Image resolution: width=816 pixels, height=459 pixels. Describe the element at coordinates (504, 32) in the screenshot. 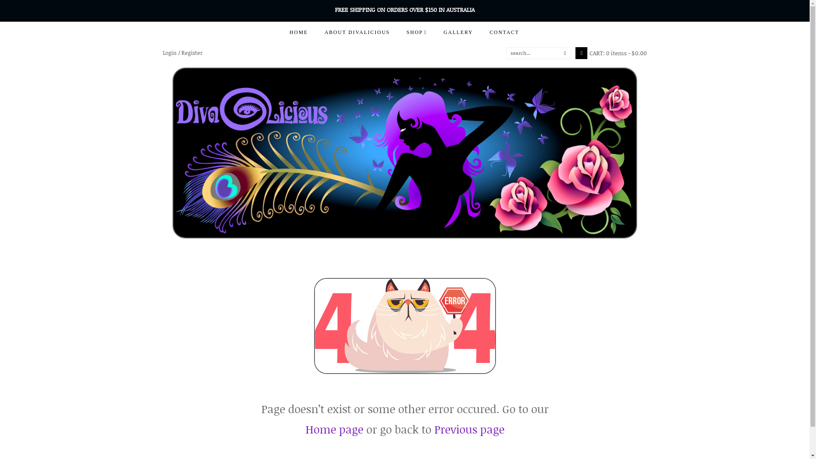

I see `'CONTACT'` at that location.